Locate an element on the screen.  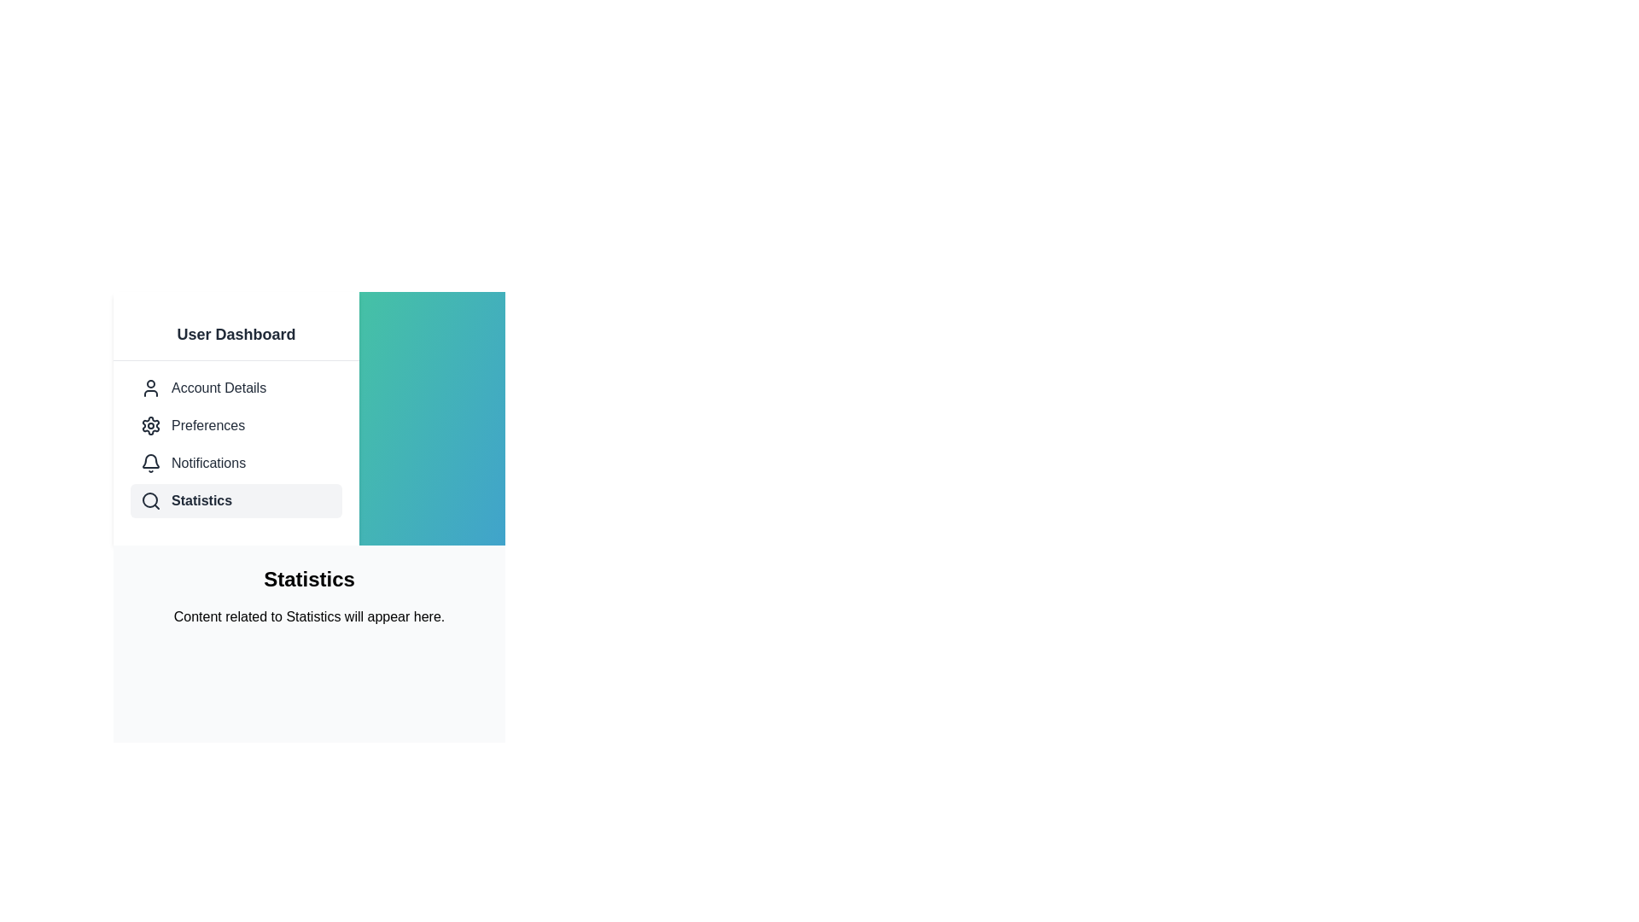
the 'Notifications' text label in the vertical navigation sidebar, which is the third item below 'Preferences' and above 'Statistics' is located at coordinates (207, 464).